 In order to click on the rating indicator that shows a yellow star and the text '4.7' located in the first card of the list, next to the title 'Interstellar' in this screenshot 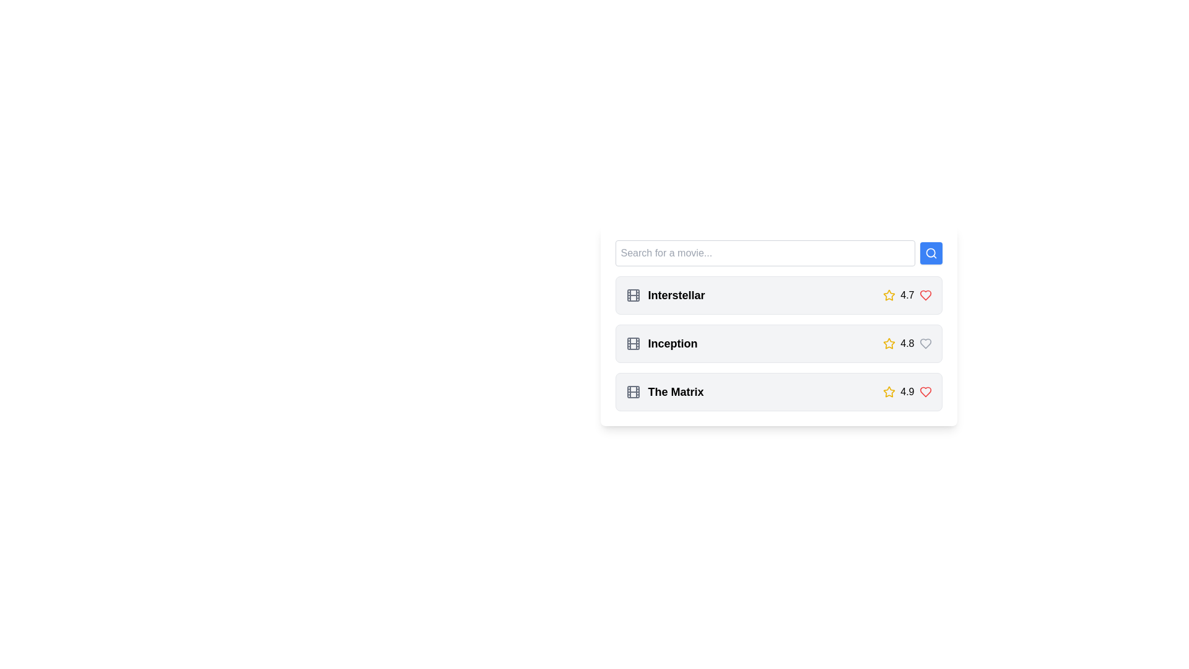, I will do `click(907, 295)`.